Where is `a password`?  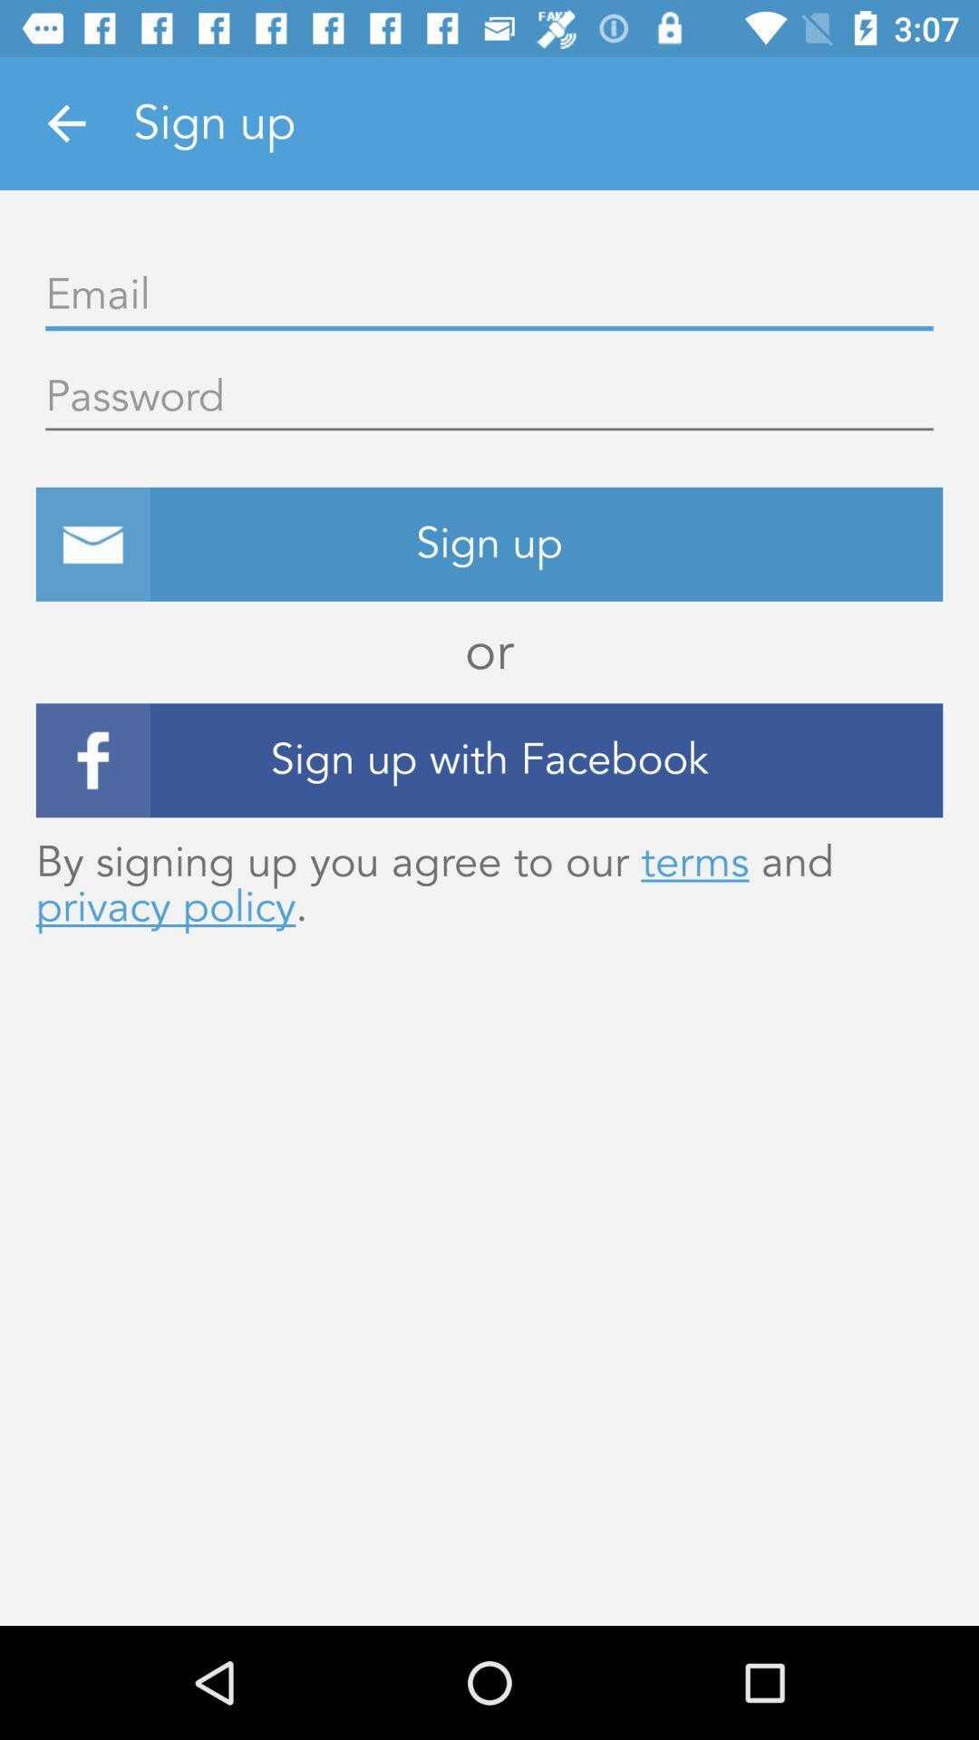
a password is located at coordinates (489, 397).